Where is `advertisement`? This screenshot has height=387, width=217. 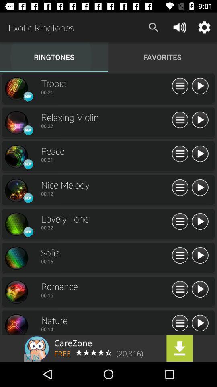 advertisement is located at coordinates (199, 222).